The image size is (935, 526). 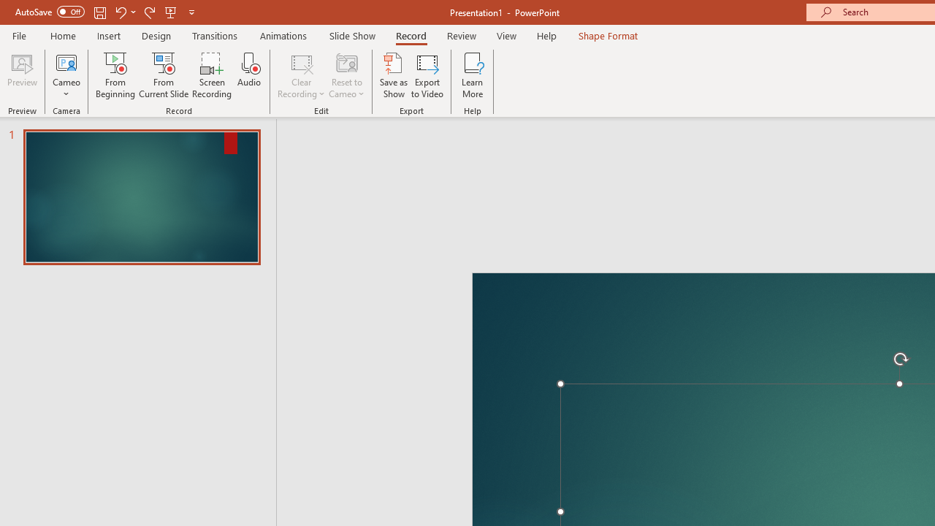 What do you see at coordinates (108, 35) in the screenshot?
I see `'Insert'` at bounding box center [108, 35].